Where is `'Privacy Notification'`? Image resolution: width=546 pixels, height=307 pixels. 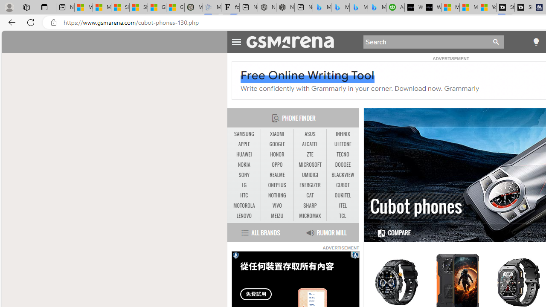 'Privacy Notification' is located at coordinates (235, 255).